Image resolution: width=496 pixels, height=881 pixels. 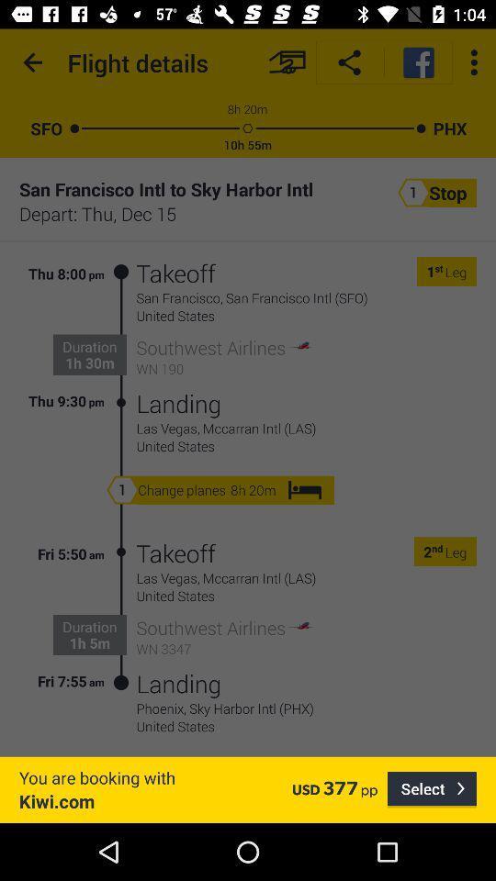 What do you see at coordinates (437, 271) in the screenshot?
I see `the icon to the left of leg` at bounding box center [437, 271].